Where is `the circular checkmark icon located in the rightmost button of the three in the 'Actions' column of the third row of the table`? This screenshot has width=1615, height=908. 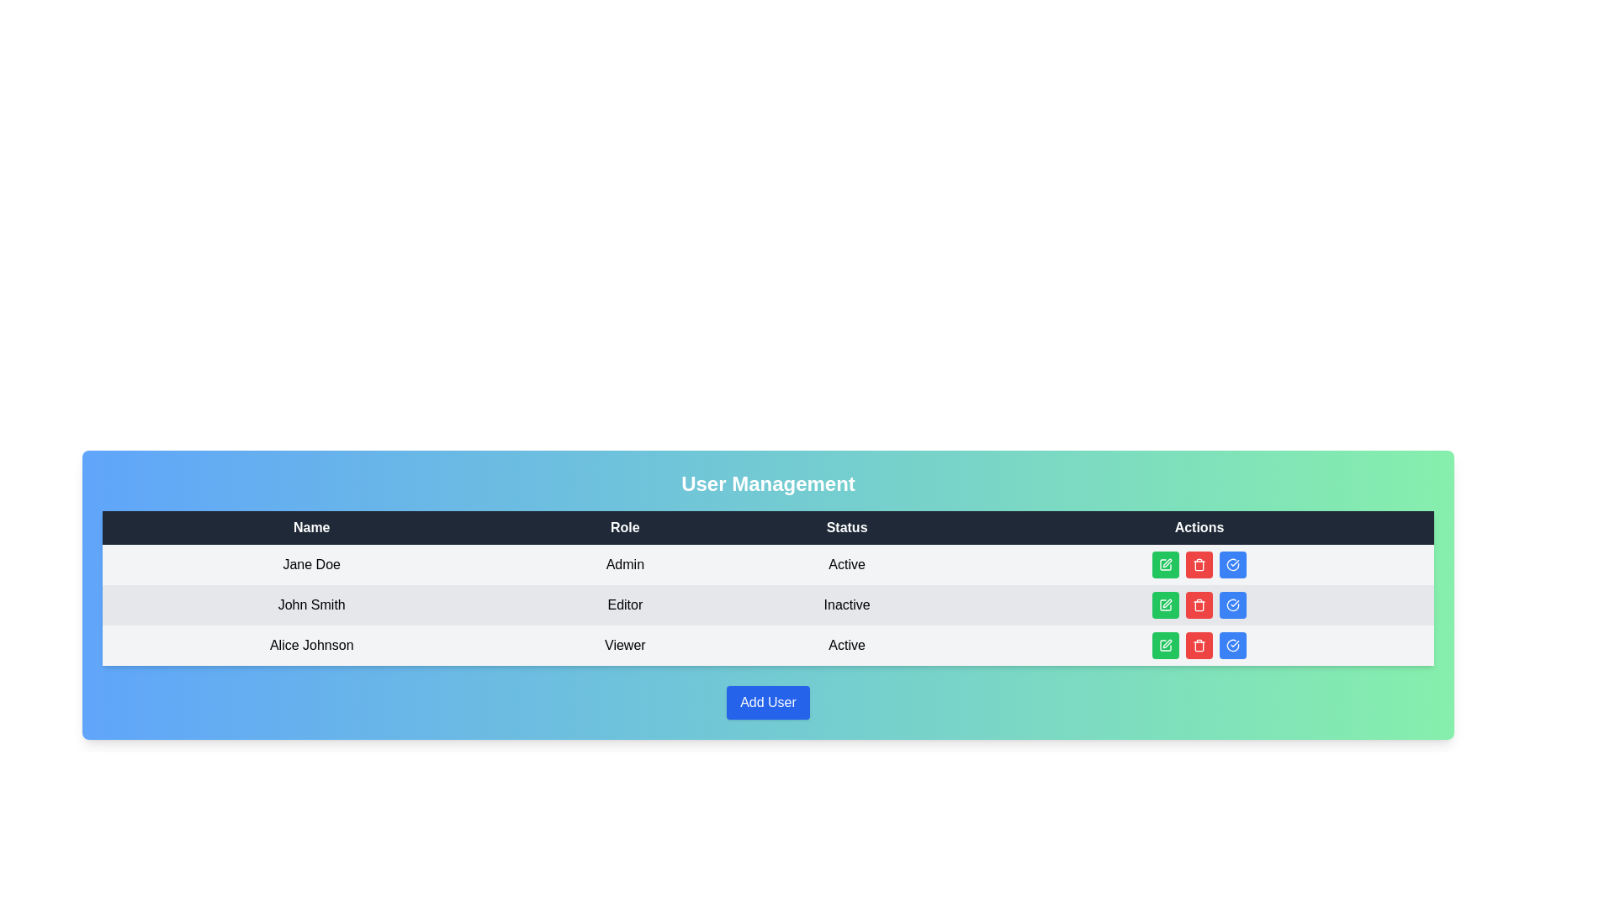 the circular checkmark icon located in the rightmost button of the three in the 'Actions' column of the third row of the table is located at coordinates (1232, 605).